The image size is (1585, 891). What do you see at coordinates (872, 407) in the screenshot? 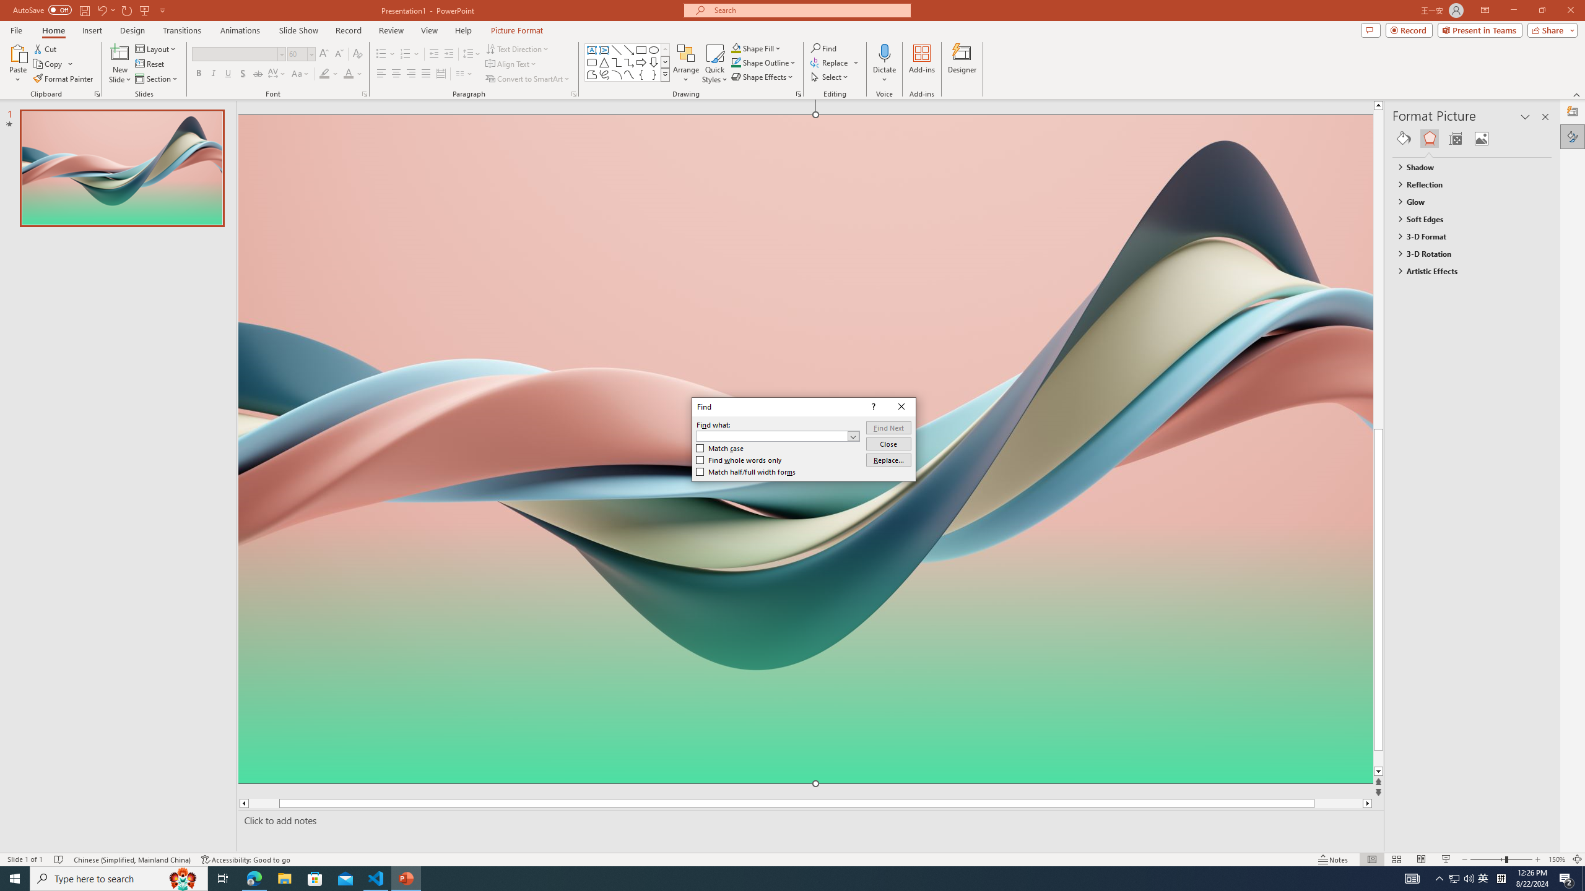
I see `'Context help'` at bounding box center [872, 407].